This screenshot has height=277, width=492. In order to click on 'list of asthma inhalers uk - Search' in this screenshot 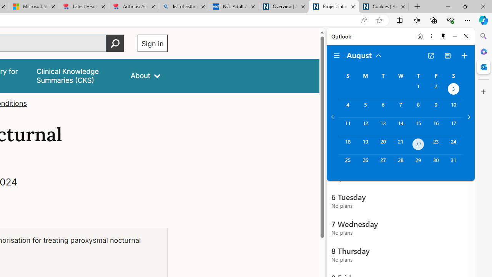, I will do `click(183, 7)`.